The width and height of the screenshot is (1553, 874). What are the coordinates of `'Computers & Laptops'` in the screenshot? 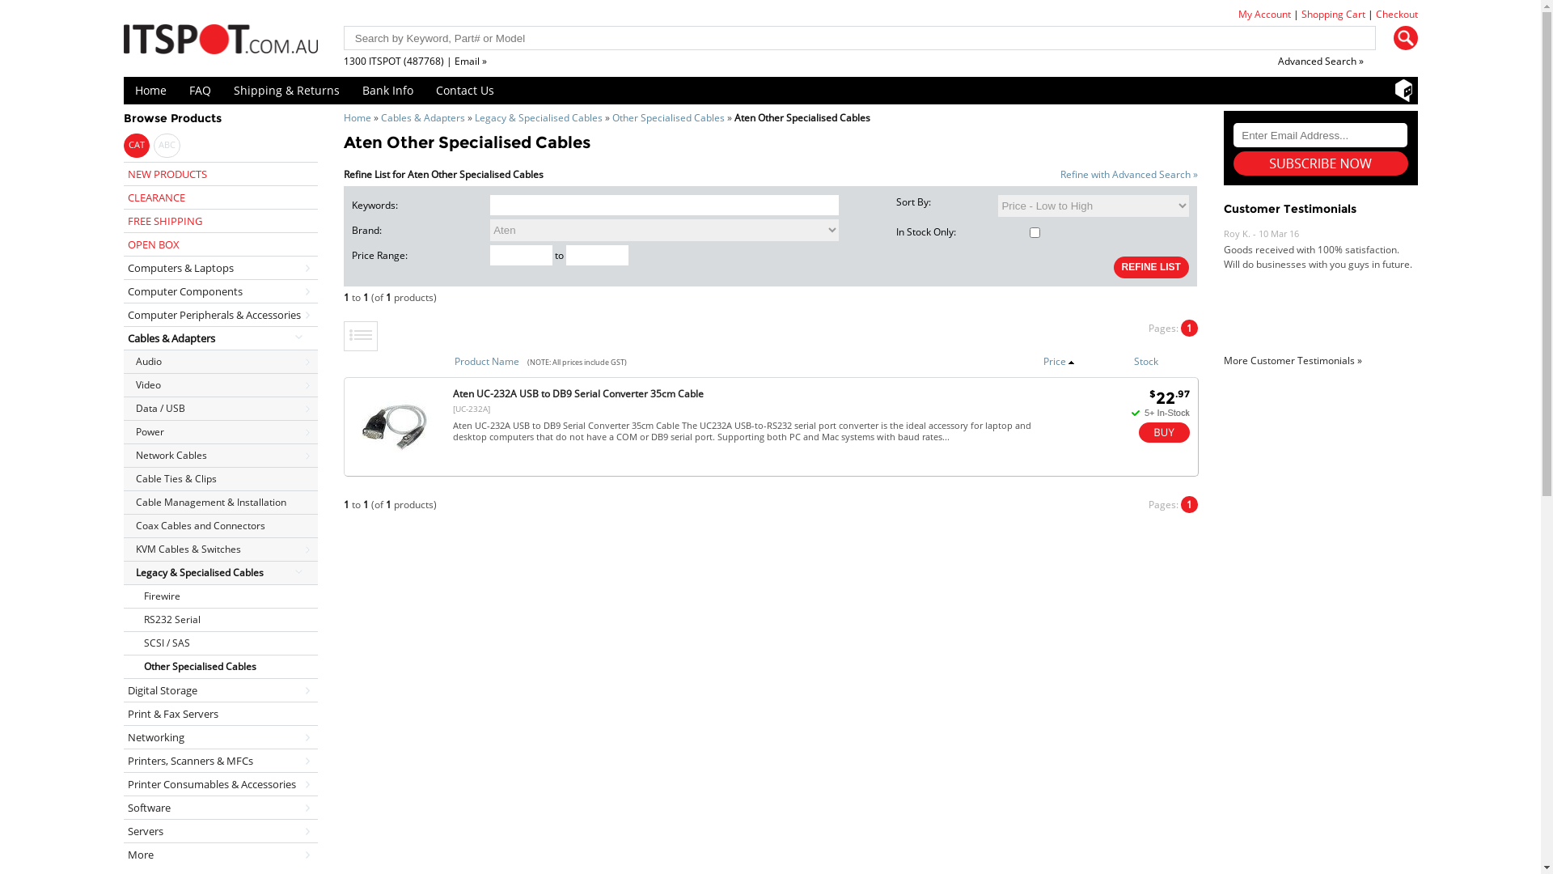 It's located at (122, 266).